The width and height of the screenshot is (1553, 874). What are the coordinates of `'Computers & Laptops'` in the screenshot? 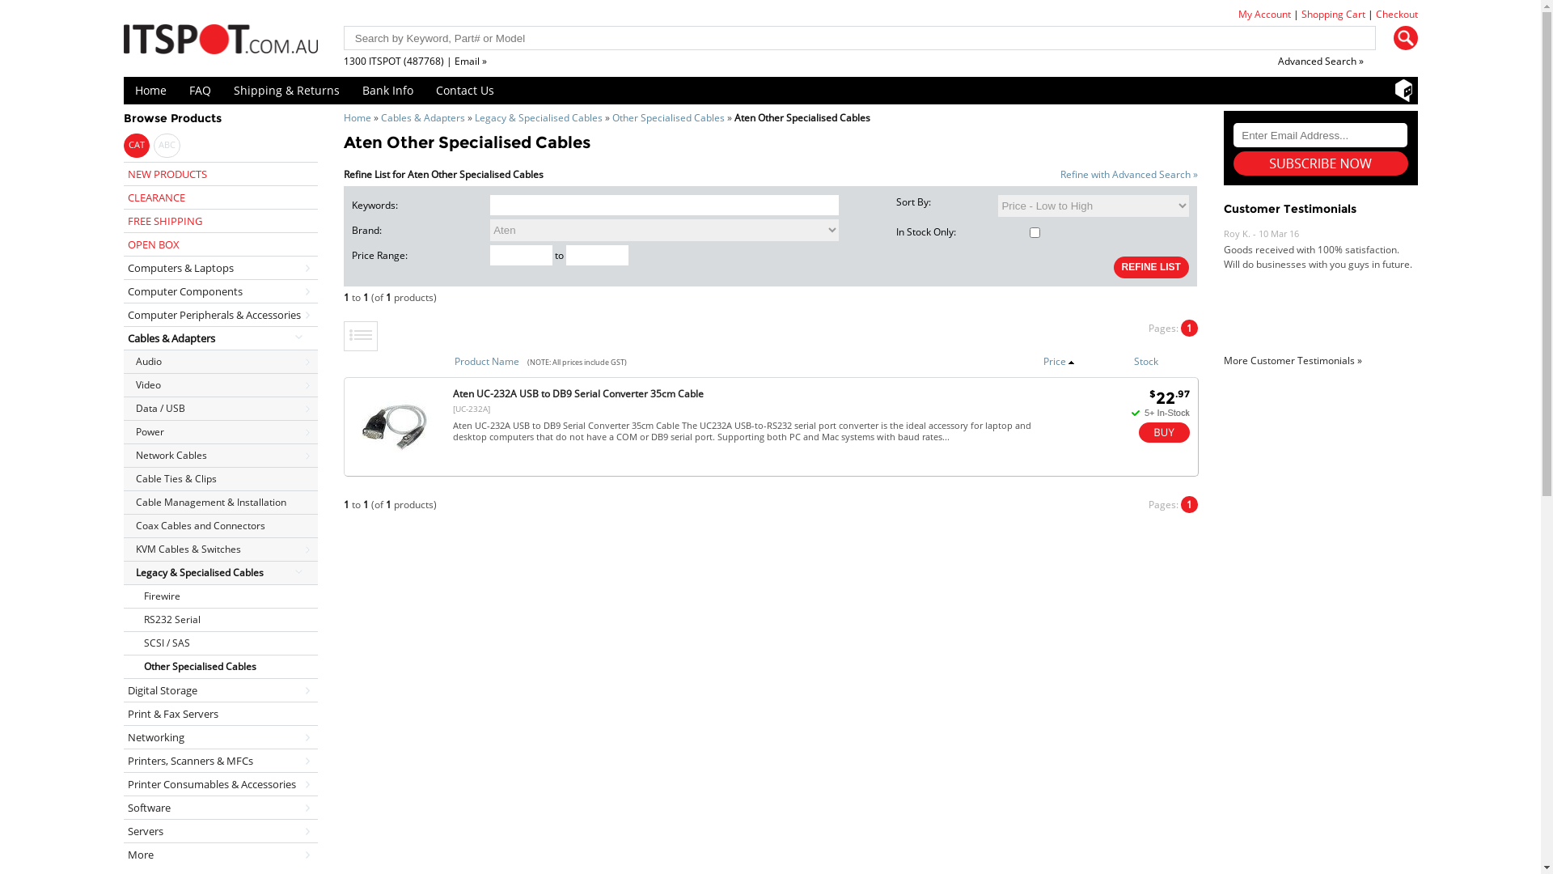 It's located at (122, 266).